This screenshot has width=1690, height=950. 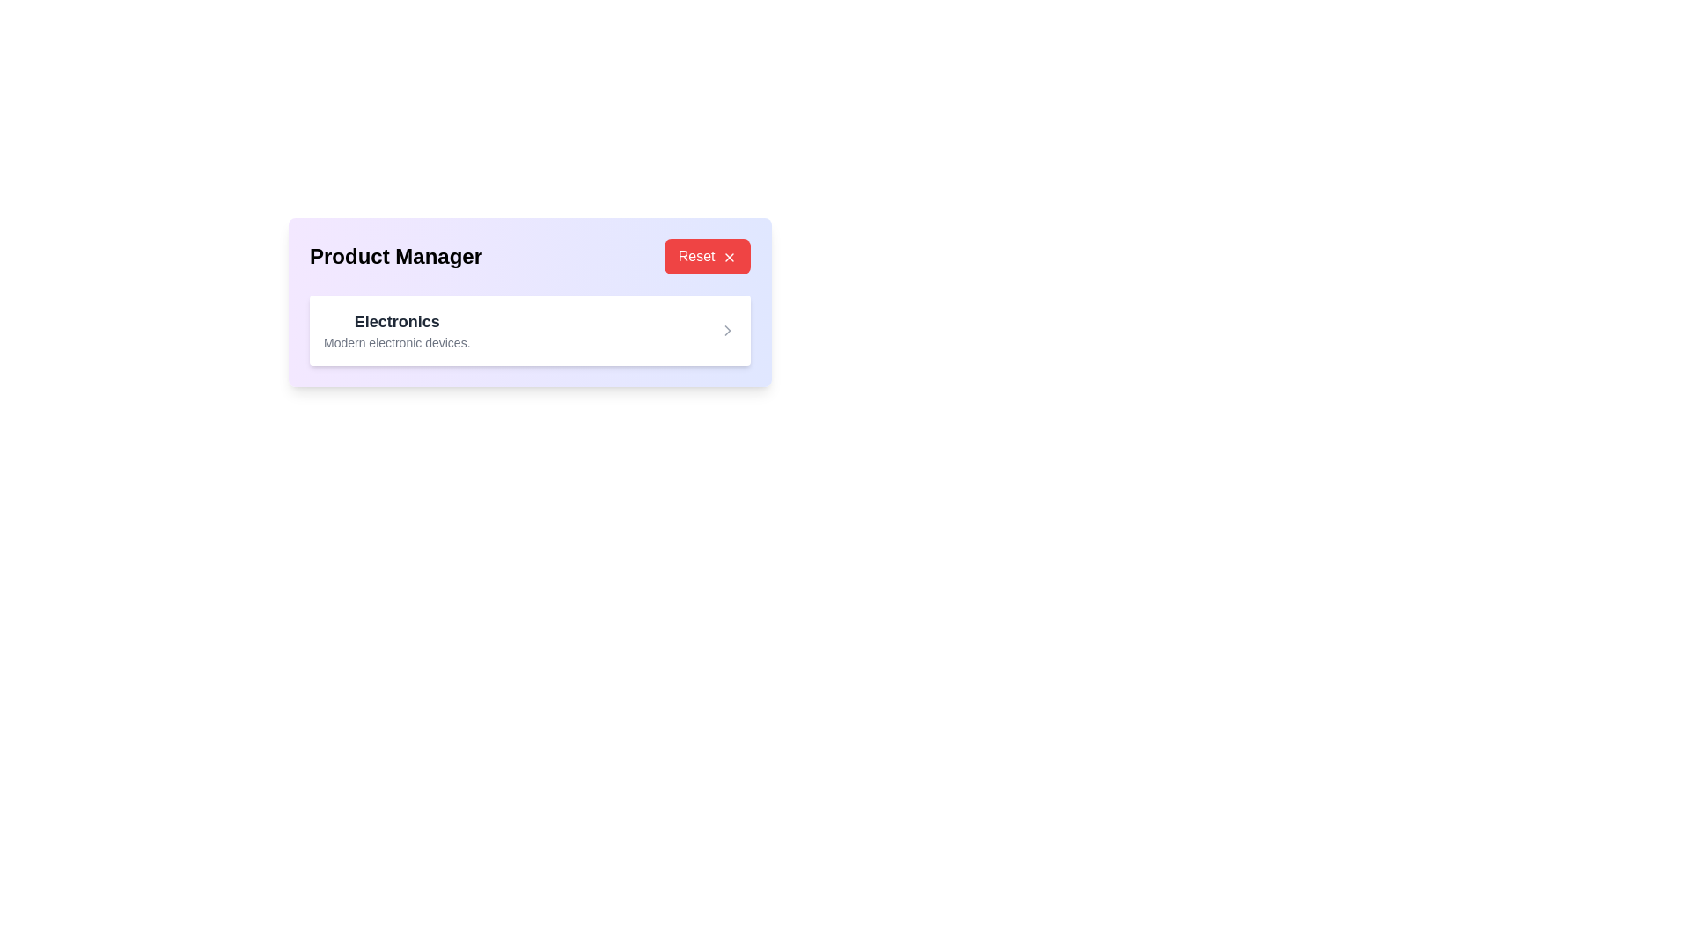 What do you see at coordinates (730, 257) in the screenshot?
I see `the reset icon located at the right end of the 'Reset' button in the upper-right corner of the 'Product Manager' card` at bounding box center [730, 257].